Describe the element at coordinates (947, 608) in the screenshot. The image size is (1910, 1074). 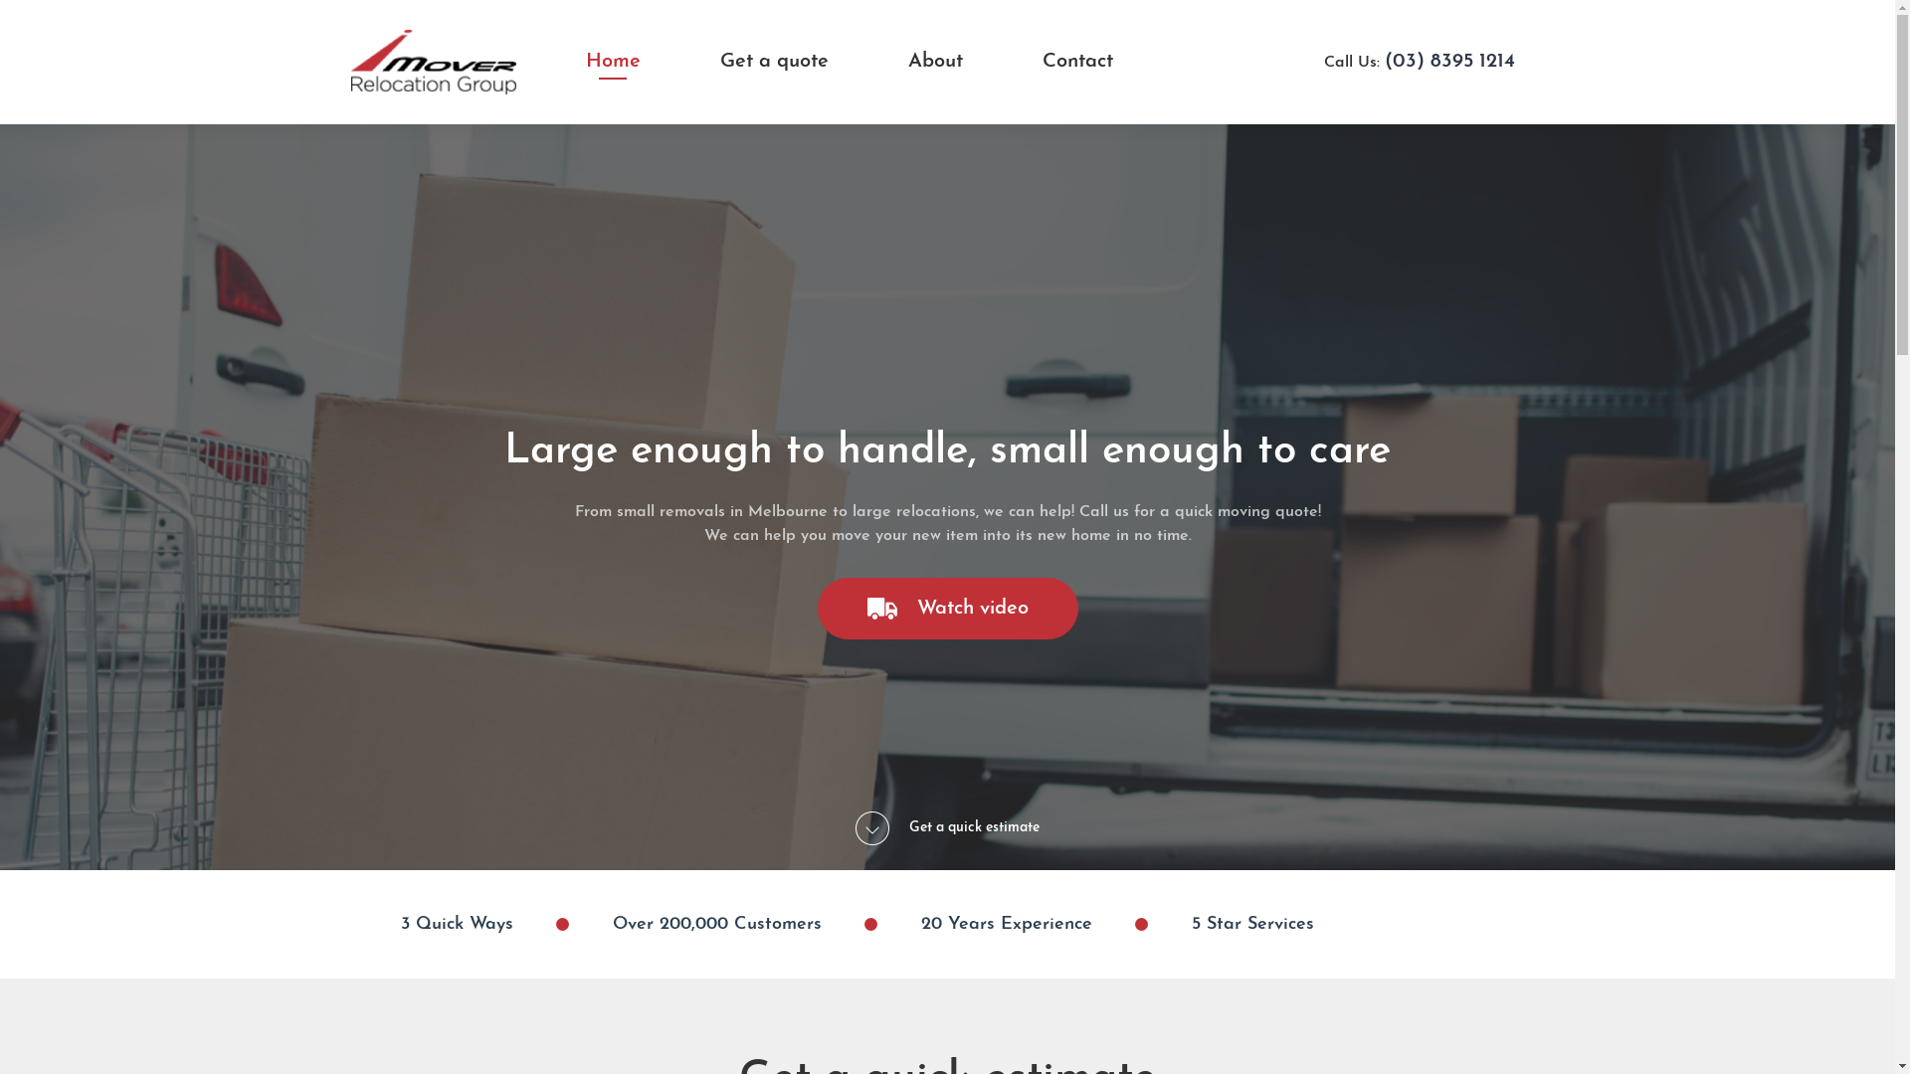
I see `'Watch video'` at that location.